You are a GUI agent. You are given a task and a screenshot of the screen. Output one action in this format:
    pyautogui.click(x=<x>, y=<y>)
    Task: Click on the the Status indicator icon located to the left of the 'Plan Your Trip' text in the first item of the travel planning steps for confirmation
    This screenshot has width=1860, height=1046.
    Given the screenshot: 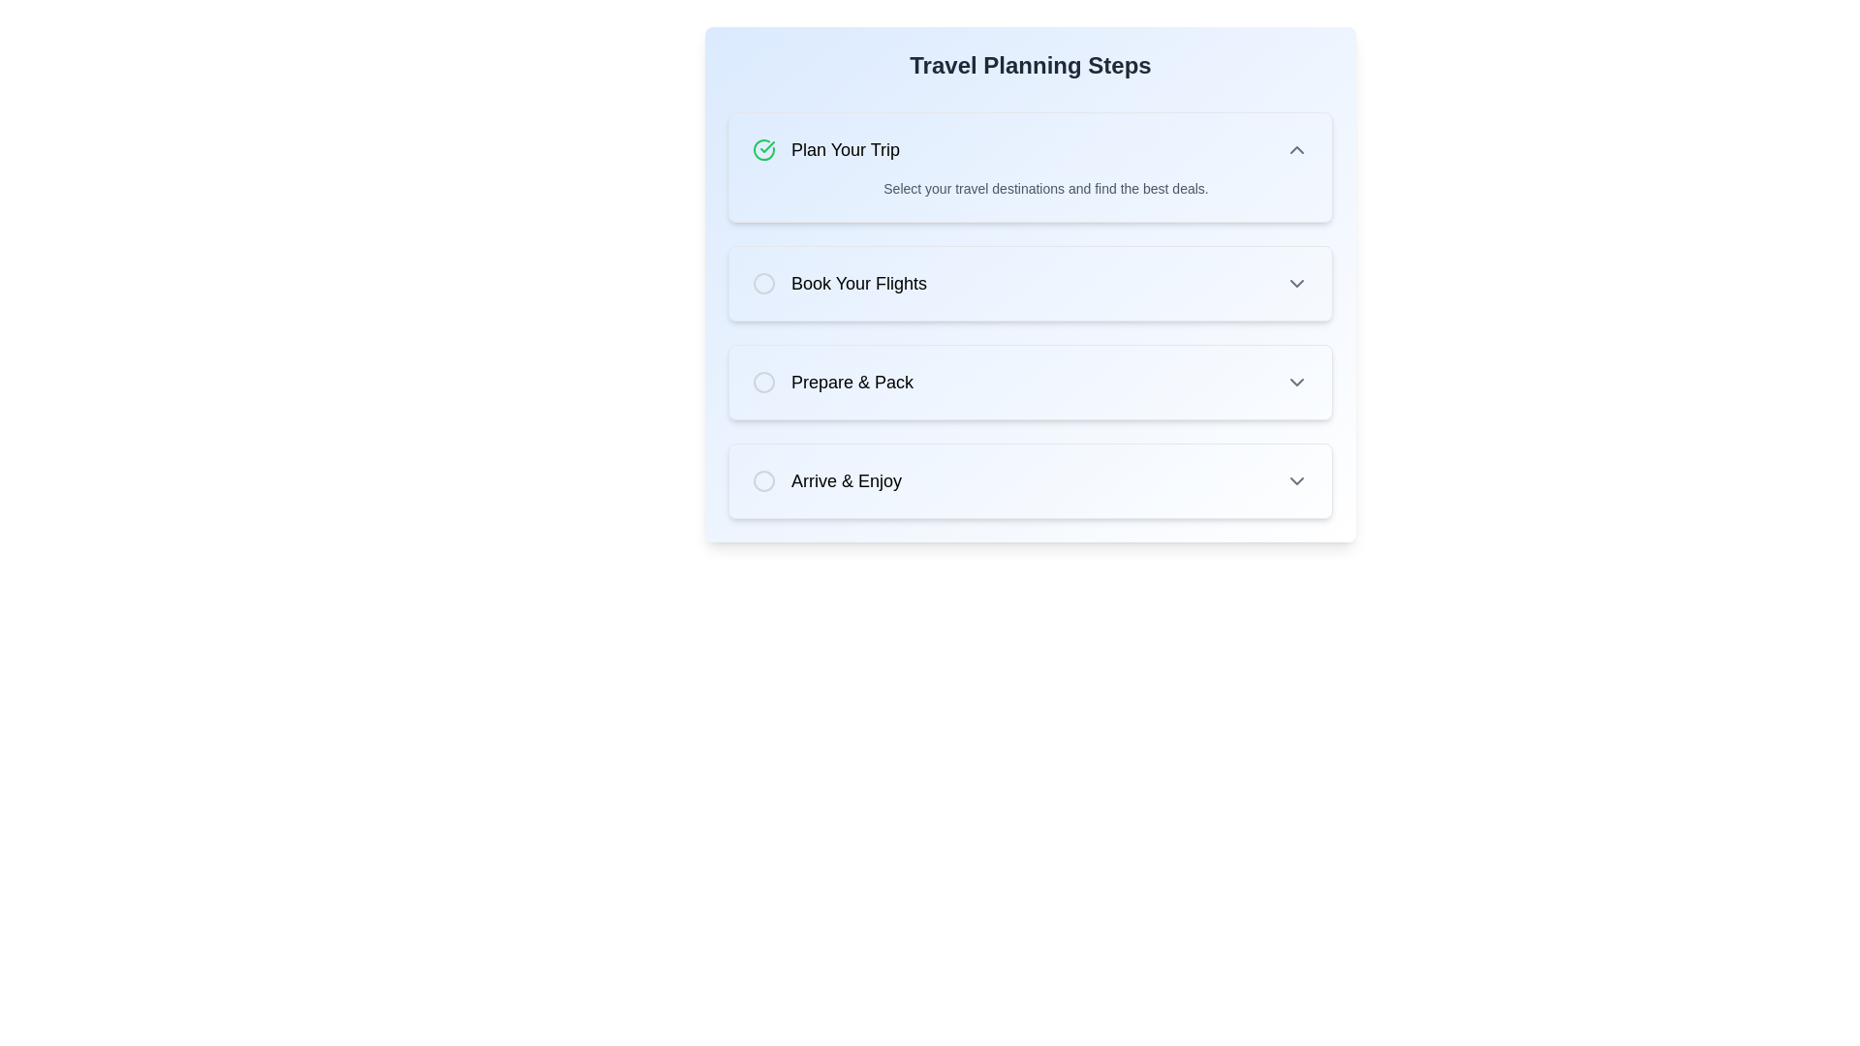 What is the action you would take?
    pyautogui.click(x=762, y=148)
    